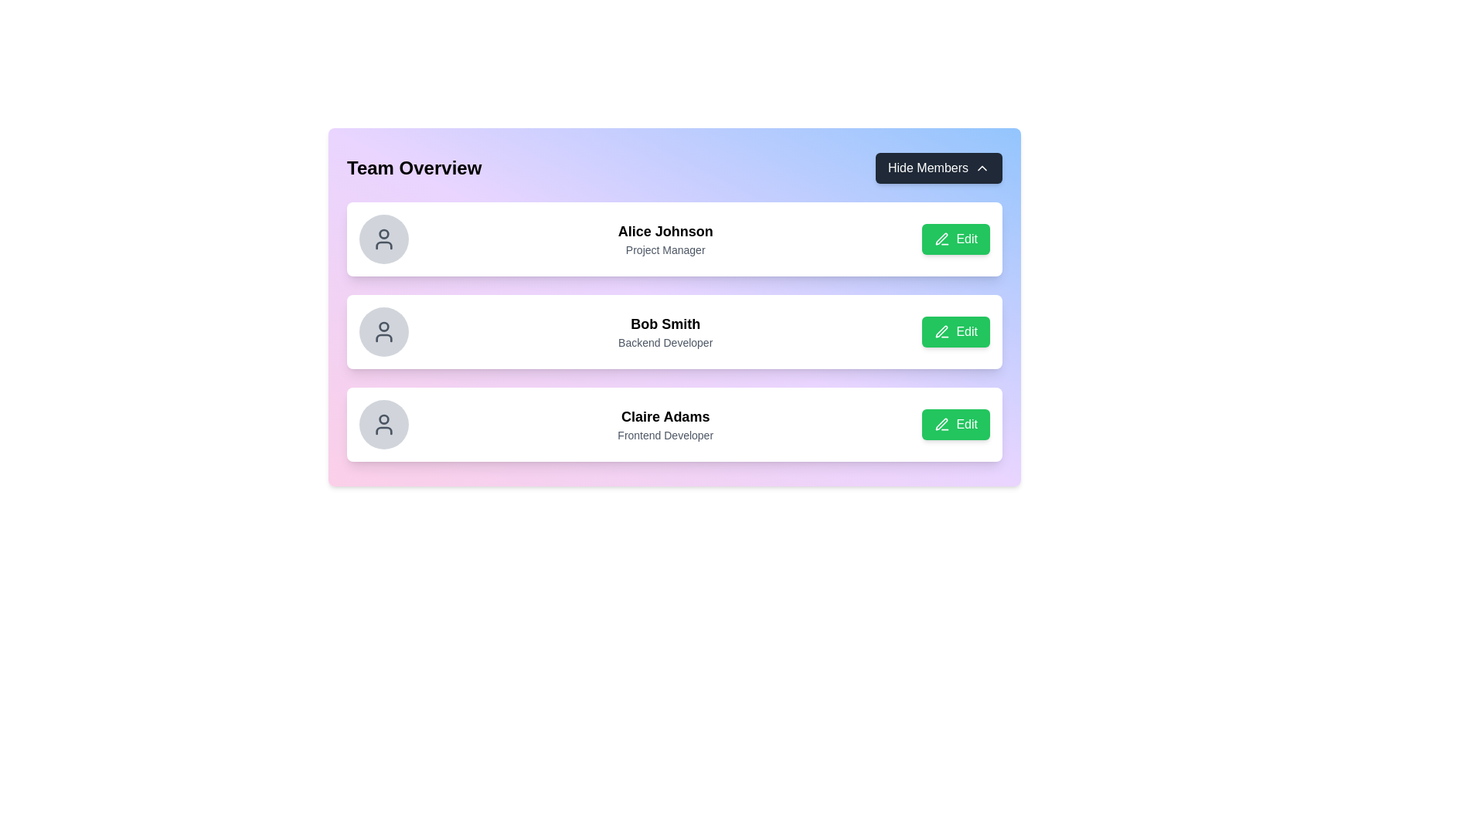 This screenshot has width=1484, height=834. I want to click on the 'Edit' text on the green button with rounded corners, so click(966, 239).